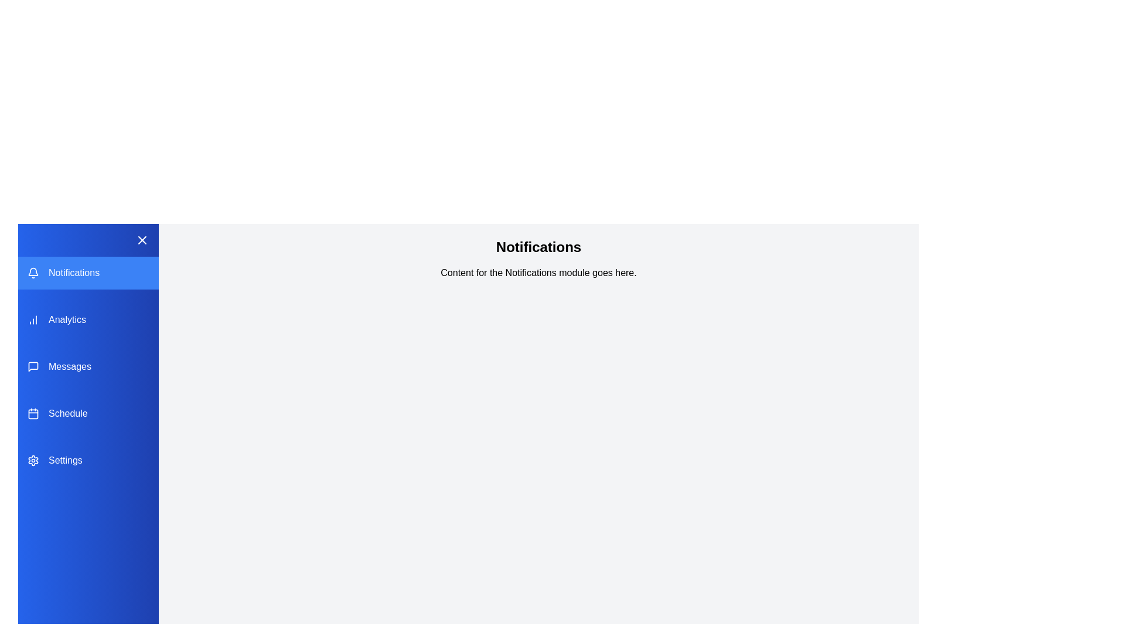 The width and height of the screenshot is (1125, 633). Describe the element at coordinates (87, 366) in the screenshot. I see `the module Messages from the sidebar` at that location.